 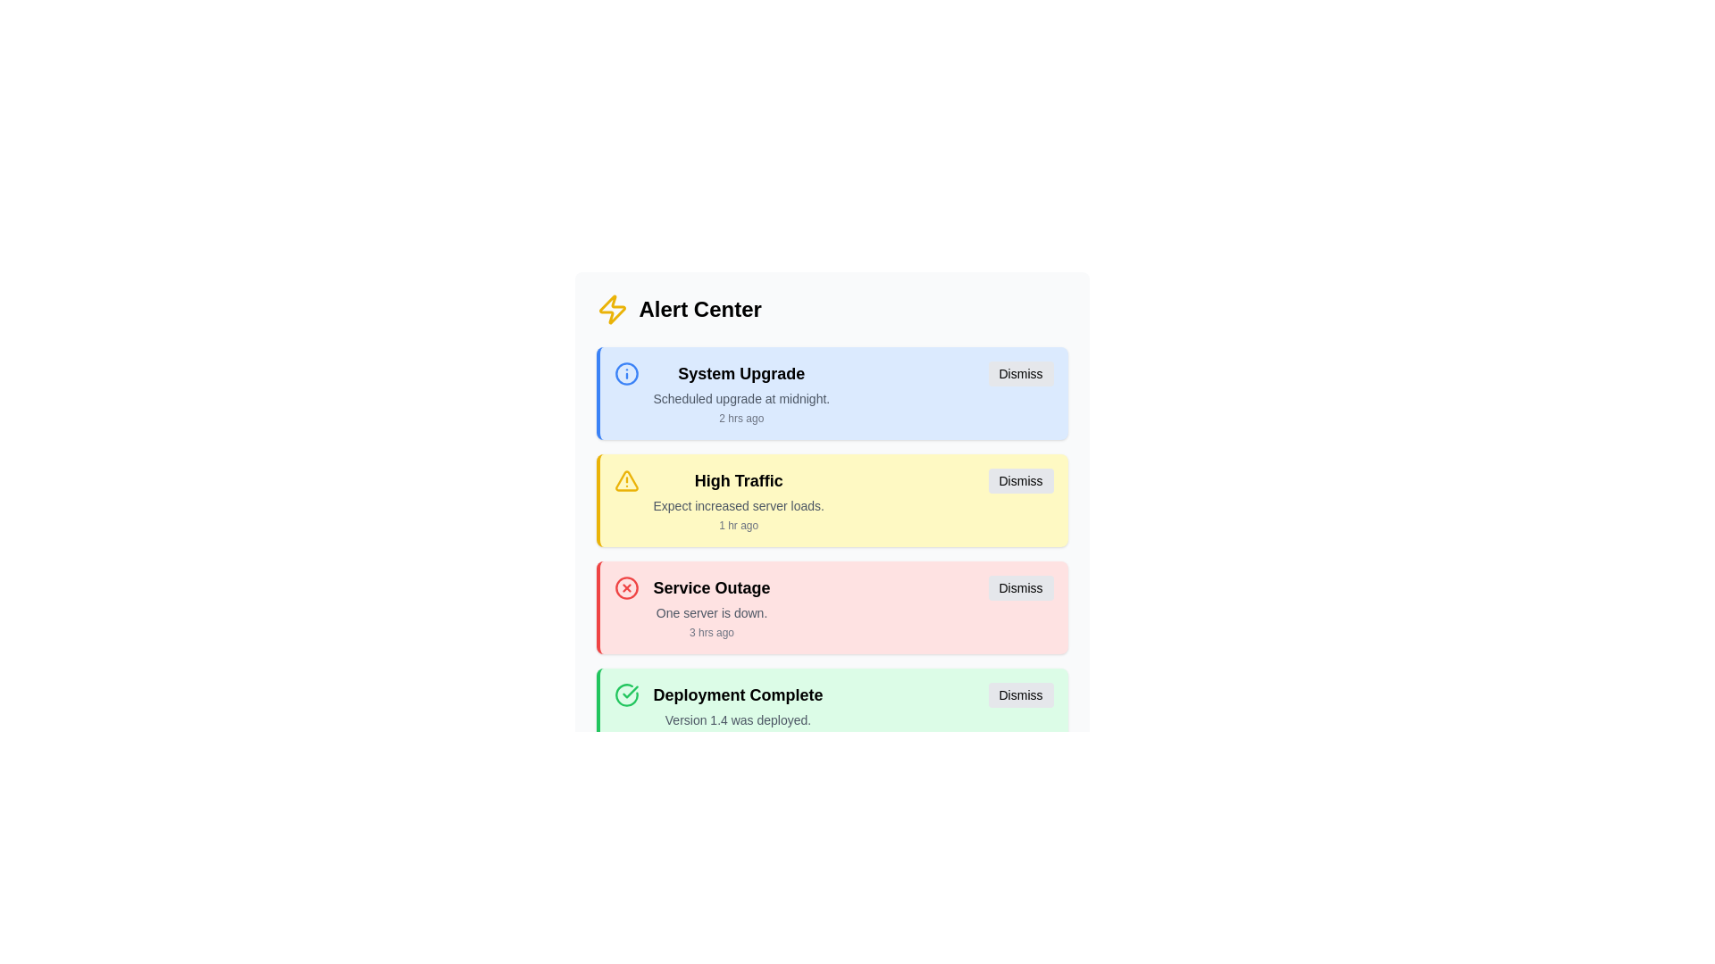 I want to click on the close button of the 'Service Outage' alert notification, so click(x=1020, y=588).